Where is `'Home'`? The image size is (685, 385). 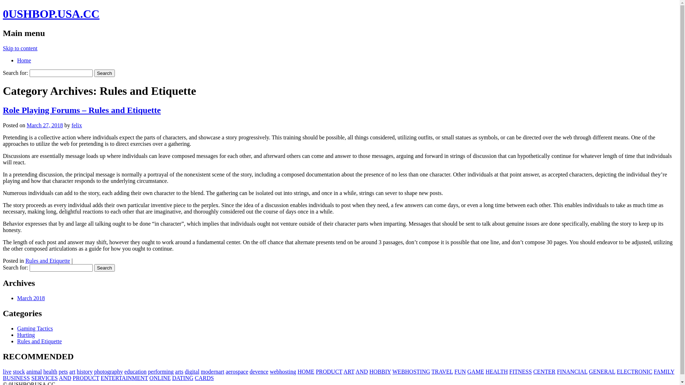
'Home' is located at coordinates (17, 60).